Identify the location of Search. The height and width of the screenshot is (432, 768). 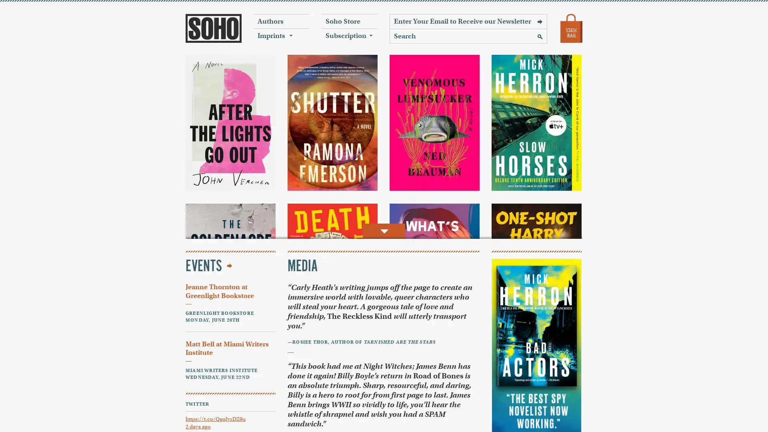
(540, 35).